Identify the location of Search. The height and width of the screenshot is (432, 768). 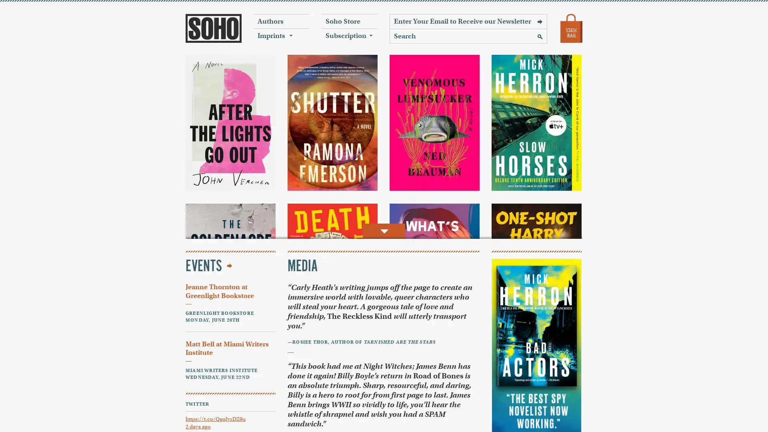
(540, 35).